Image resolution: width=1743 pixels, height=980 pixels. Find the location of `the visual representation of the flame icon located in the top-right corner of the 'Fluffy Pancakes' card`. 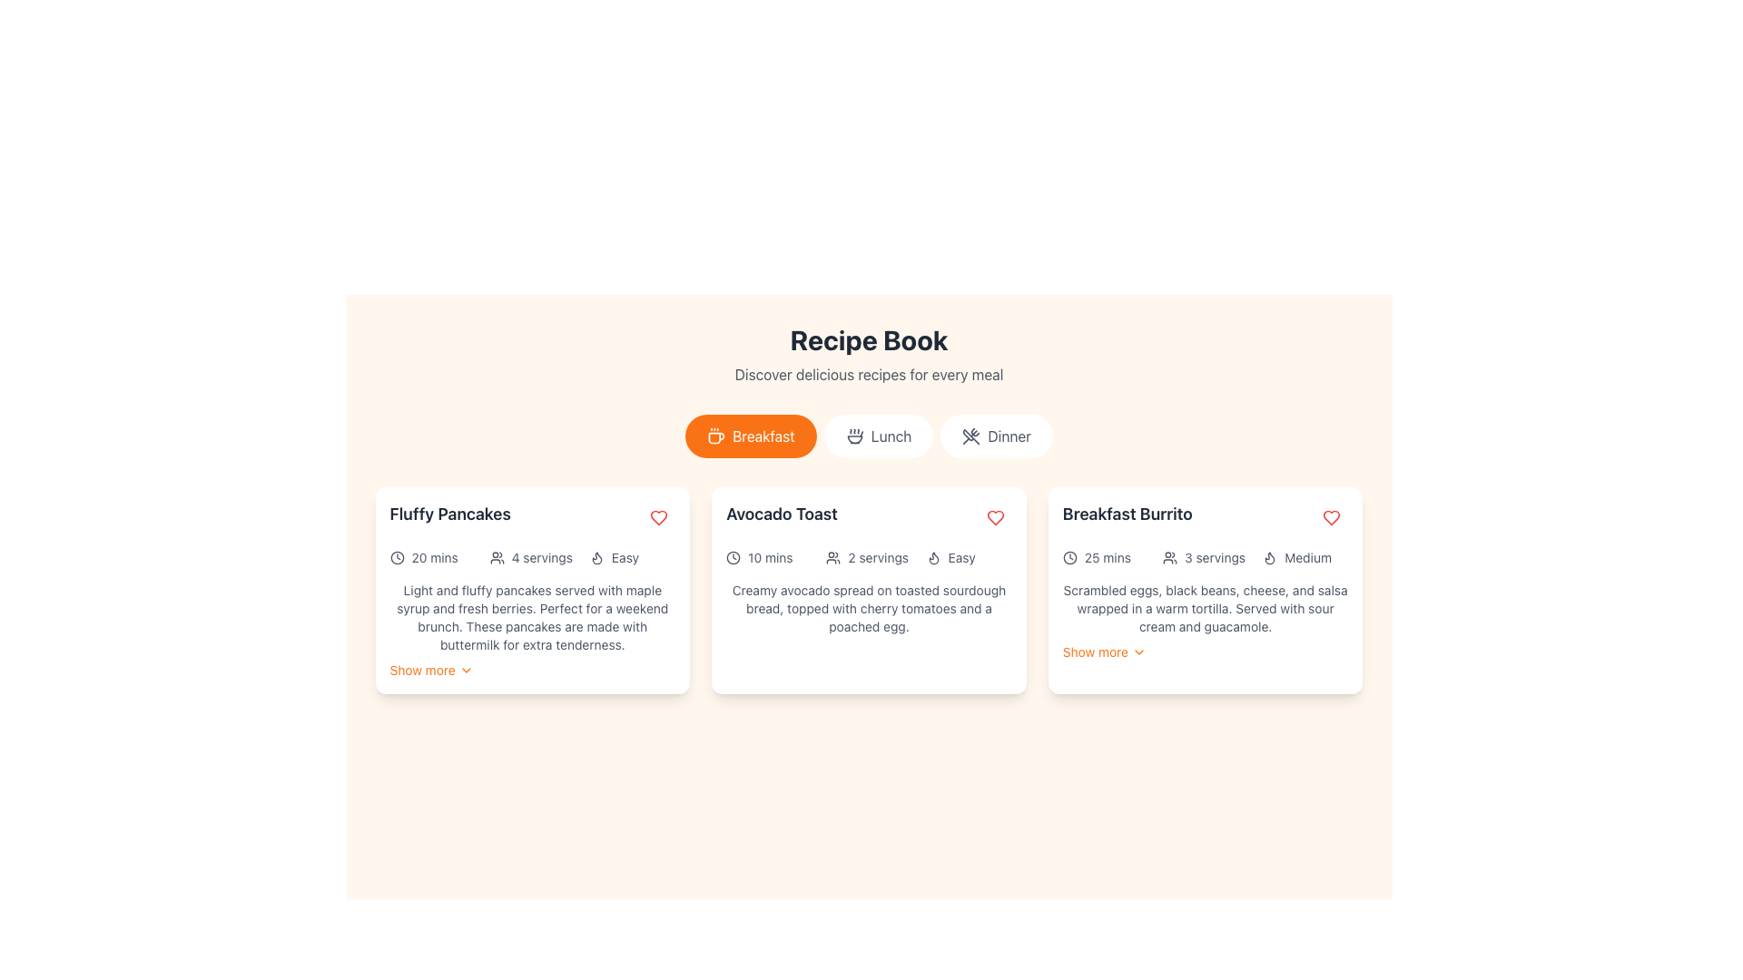

the visual representation of the flame icon located in the top-right corner of the 'Fluffy Pancakes' card is located at coordinates (596, 557).